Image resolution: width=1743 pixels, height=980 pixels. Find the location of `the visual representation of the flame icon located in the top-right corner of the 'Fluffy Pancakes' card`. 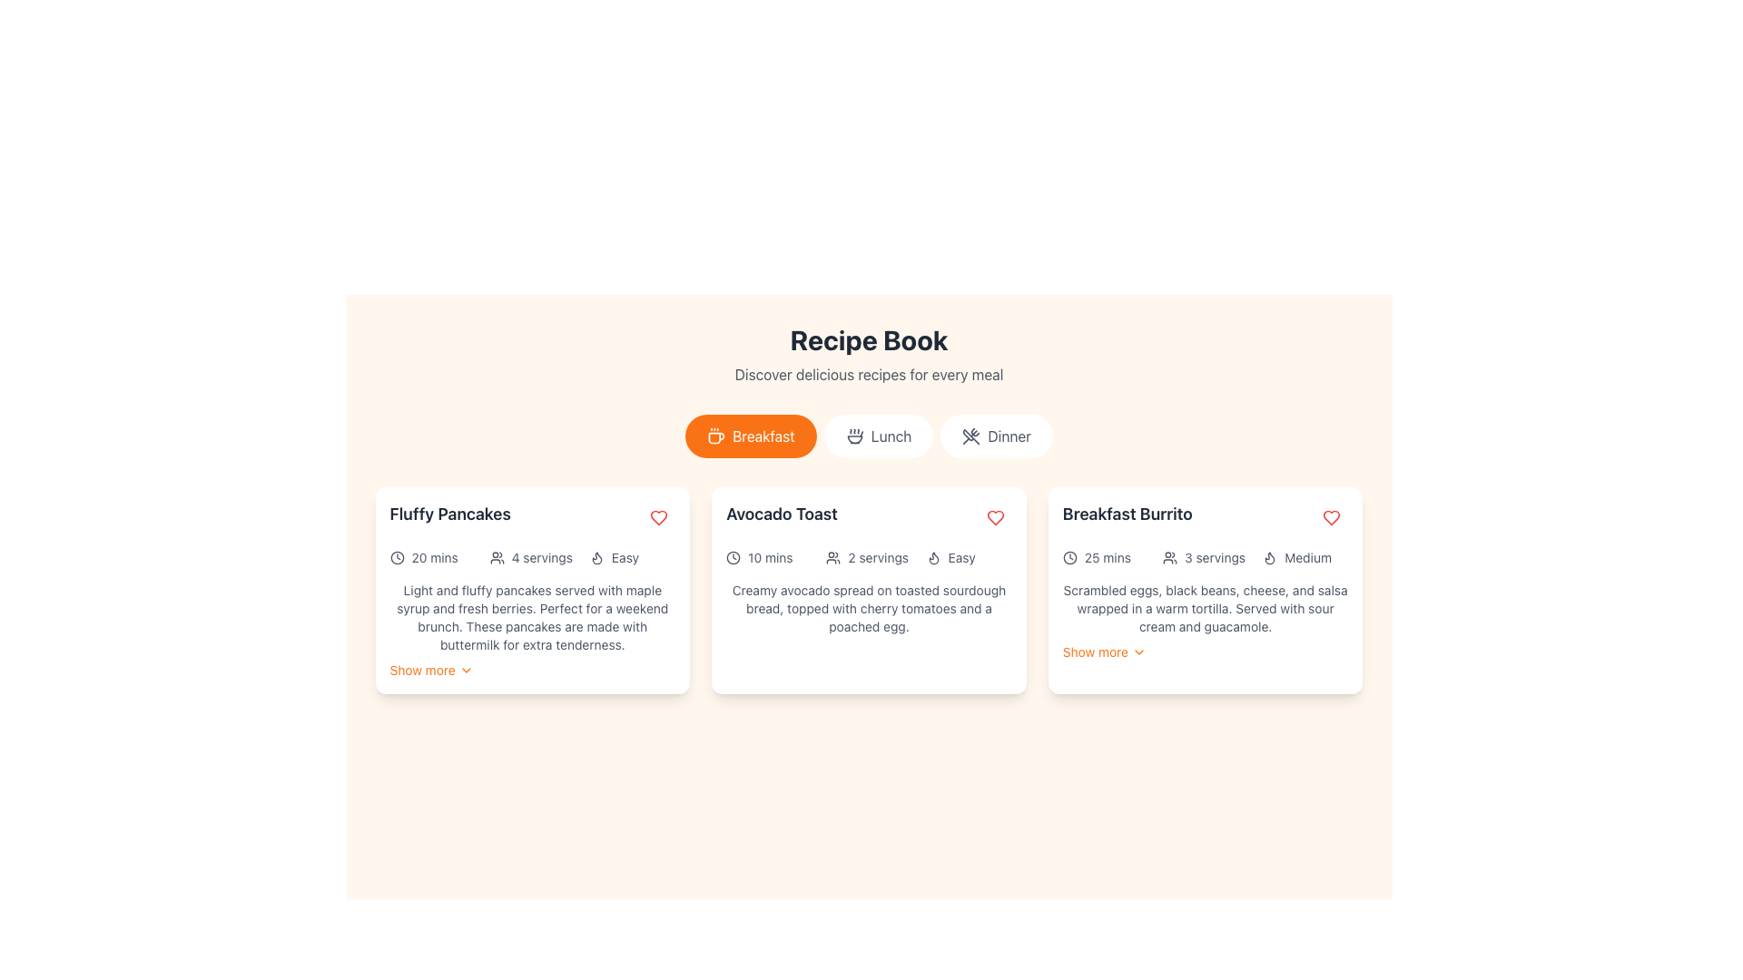

the visual representation of the flame icon located in the top-right corner of the 'Fluffy Pancakes' card is located at coordinates (596, 557).